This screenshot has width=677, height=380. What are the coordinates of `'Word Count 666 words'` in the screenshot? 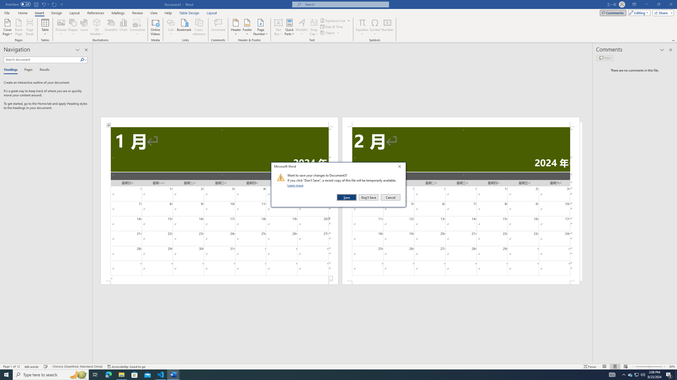 It's located at (32, 367).